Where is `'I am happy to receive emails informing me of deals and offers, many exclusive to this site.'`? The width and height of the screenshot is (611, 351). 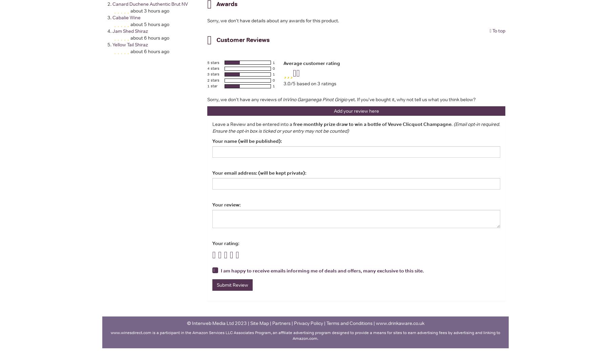
'I am happy to receive emails informing me of deals and offers, many exclusive to this site.' is located at coordinates (322, 271).